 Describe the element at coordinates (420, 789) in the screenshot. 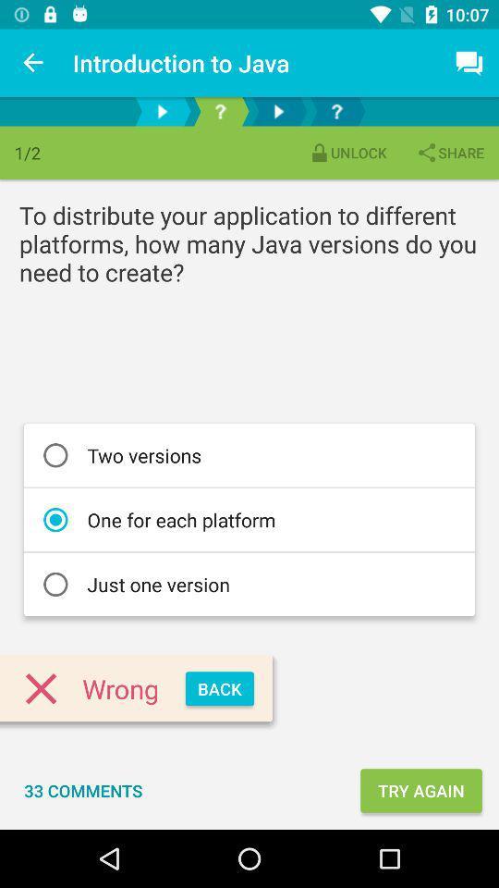

I see `the icon next to 33 comments item` at that location.